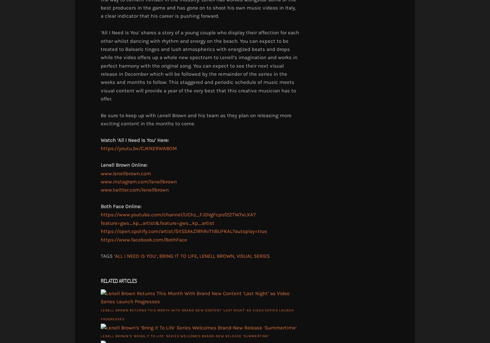 Image resolution: width=490 pixels, height=343 pixels. I want to click on '‘ALL I NEED IS YOU’', so click(135, 255).